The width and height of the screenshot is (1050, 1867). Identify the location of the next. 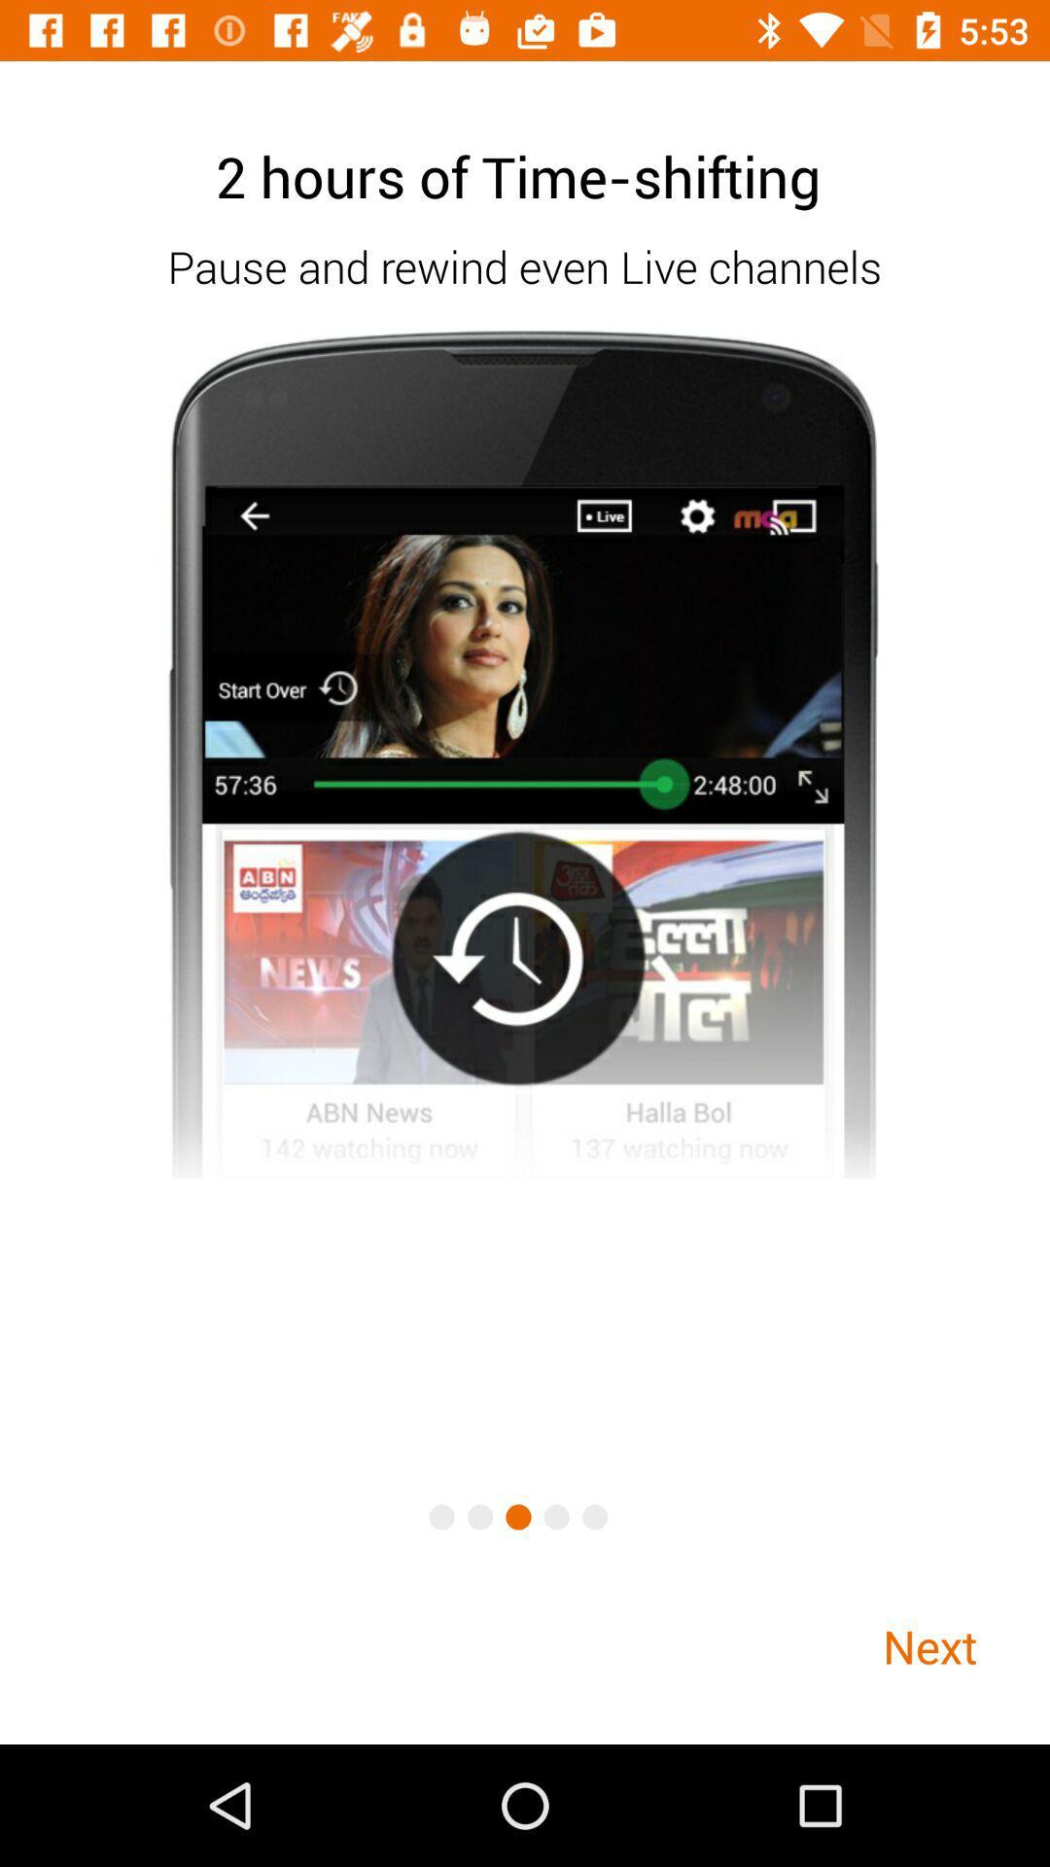
(928, 1645).